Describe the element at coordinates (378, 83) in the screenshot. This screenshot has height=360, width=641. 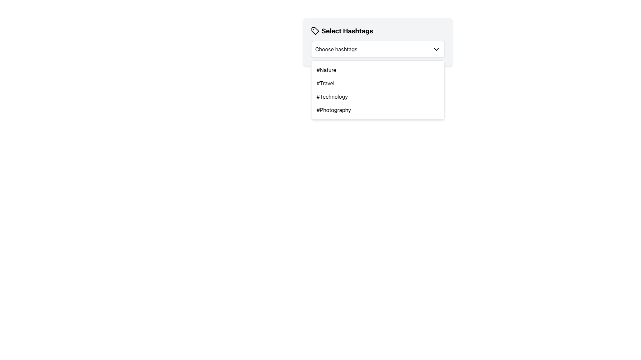
I see `the selectable list item labeled '#Travel' in the dropdown menu to navigate` at that location.